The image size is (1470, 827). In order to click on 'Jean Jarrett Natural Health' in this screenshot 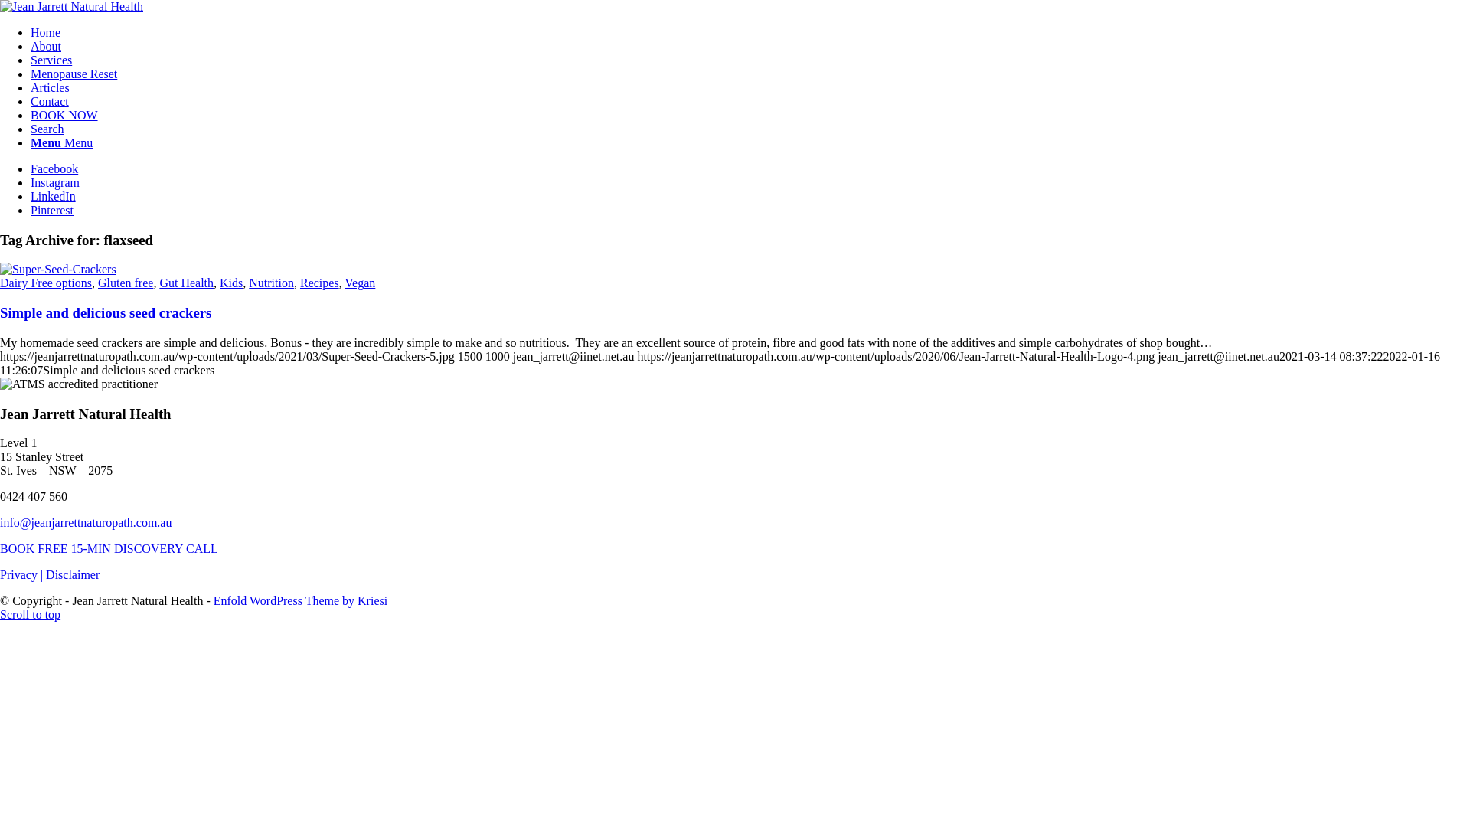, I will do `click(70, 6)`.